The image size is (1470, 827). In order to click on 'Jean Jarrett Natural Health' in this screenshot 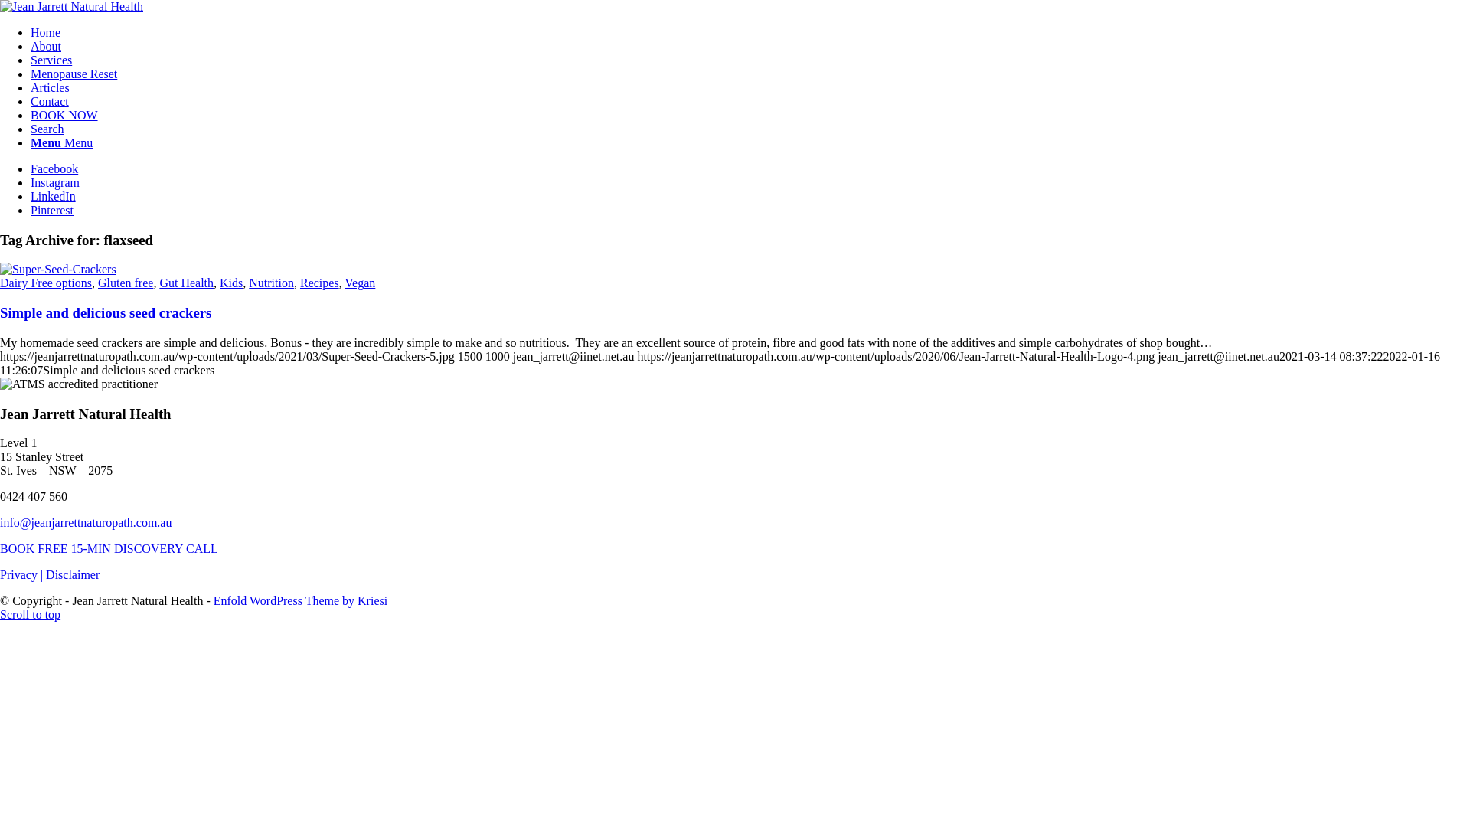, I will do `click(70, 6)`.